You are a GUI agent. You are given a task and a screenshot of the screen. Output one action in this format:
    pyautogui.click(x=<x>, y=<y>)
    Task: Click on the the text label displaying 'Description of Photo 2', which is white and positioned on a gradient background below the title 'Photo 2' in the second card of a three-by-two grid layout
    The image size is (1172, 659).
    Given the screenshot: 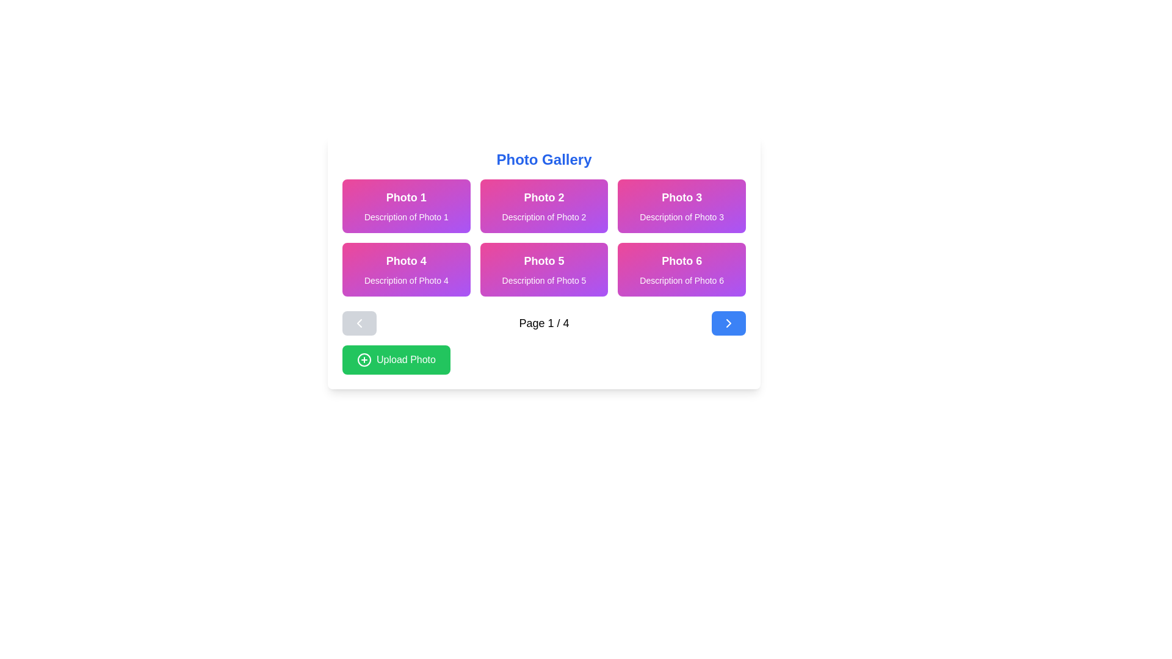 What is the action you would take?
    pyautogui.click(x=543, y=216)
    